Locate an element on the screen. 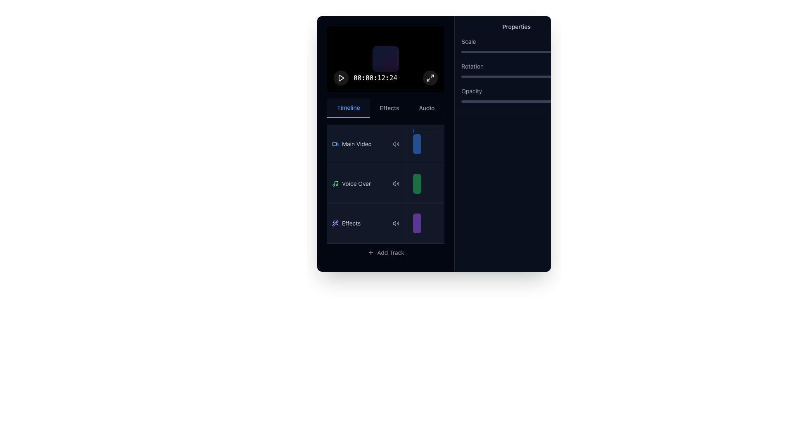  the blue indicator bar located at the top of the 'Main Video' section is located at coordinates (425, 130).